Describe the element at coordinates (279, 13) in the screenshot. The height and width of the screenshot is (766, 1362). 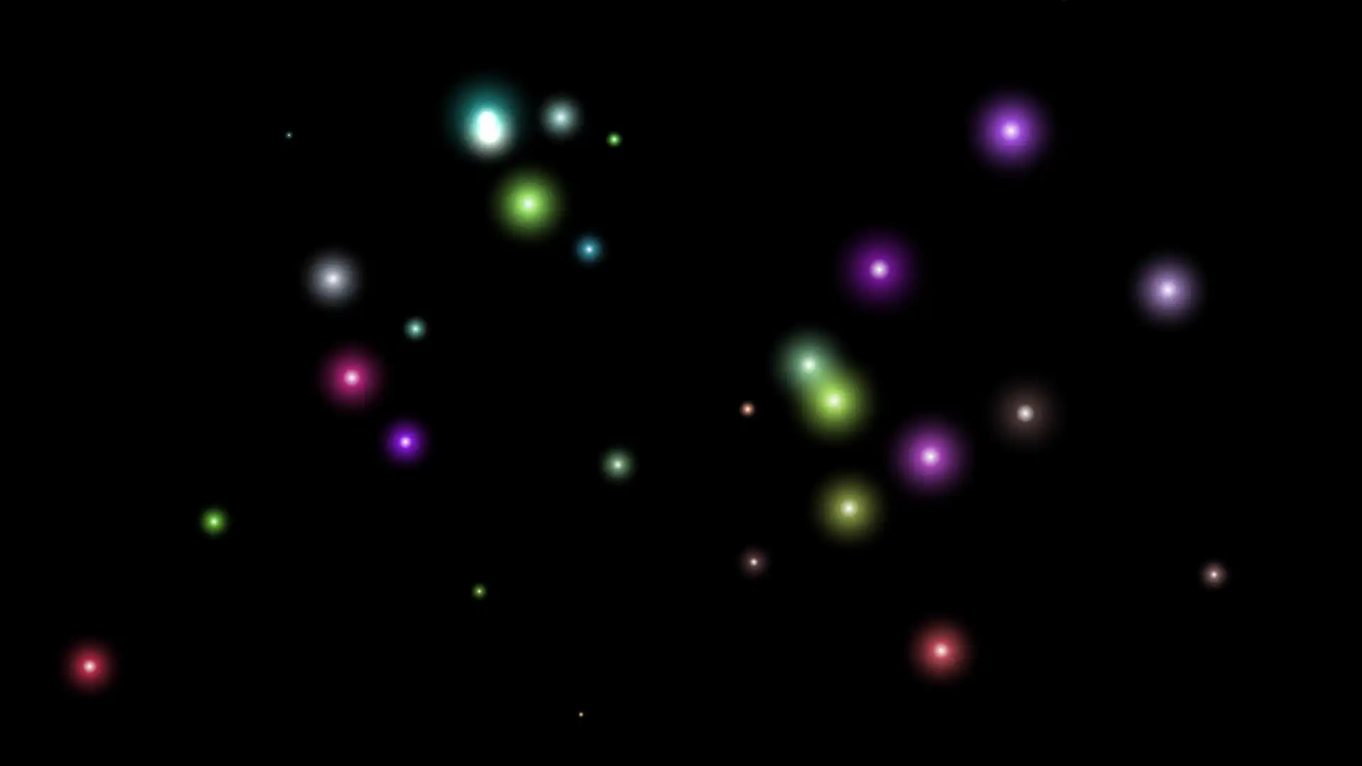
I see `More` at that location.